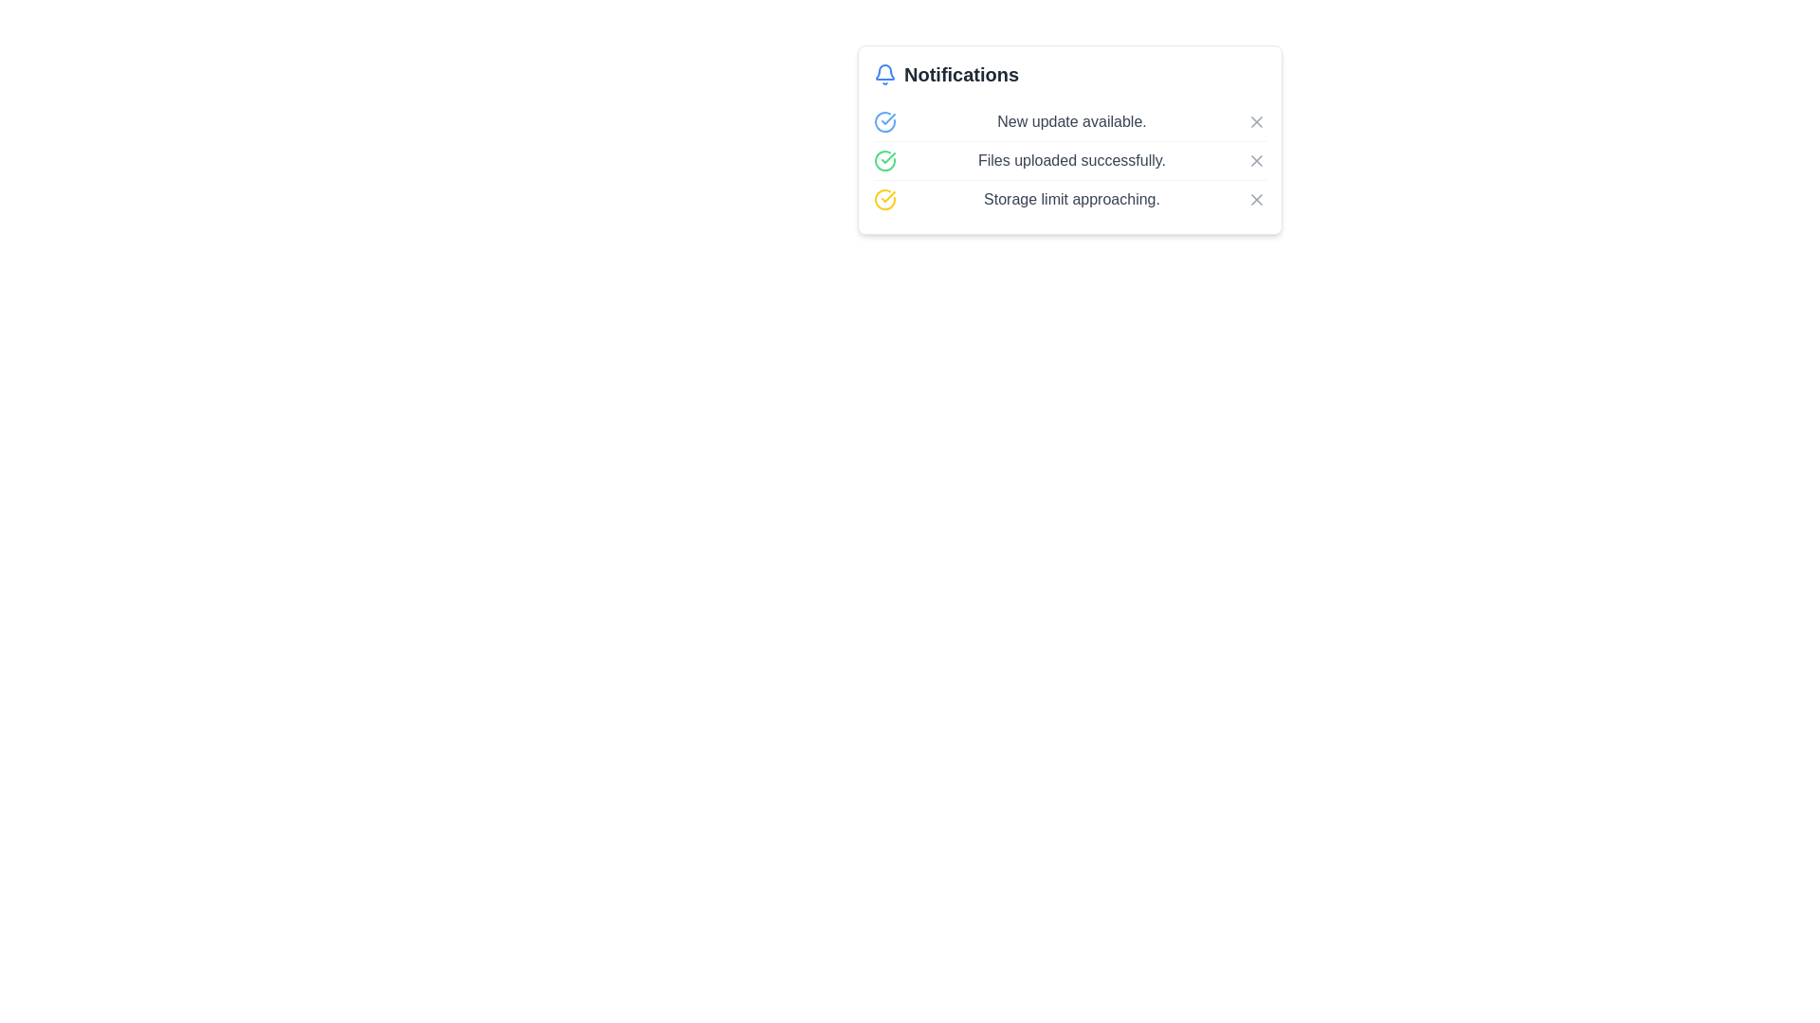  What do you see at coordinates (887, 156) in the screenshot?
I see `the visual indication of the green check mark icon within the notification card, which indicates a successful file upload` at bounding box center [887, 156].